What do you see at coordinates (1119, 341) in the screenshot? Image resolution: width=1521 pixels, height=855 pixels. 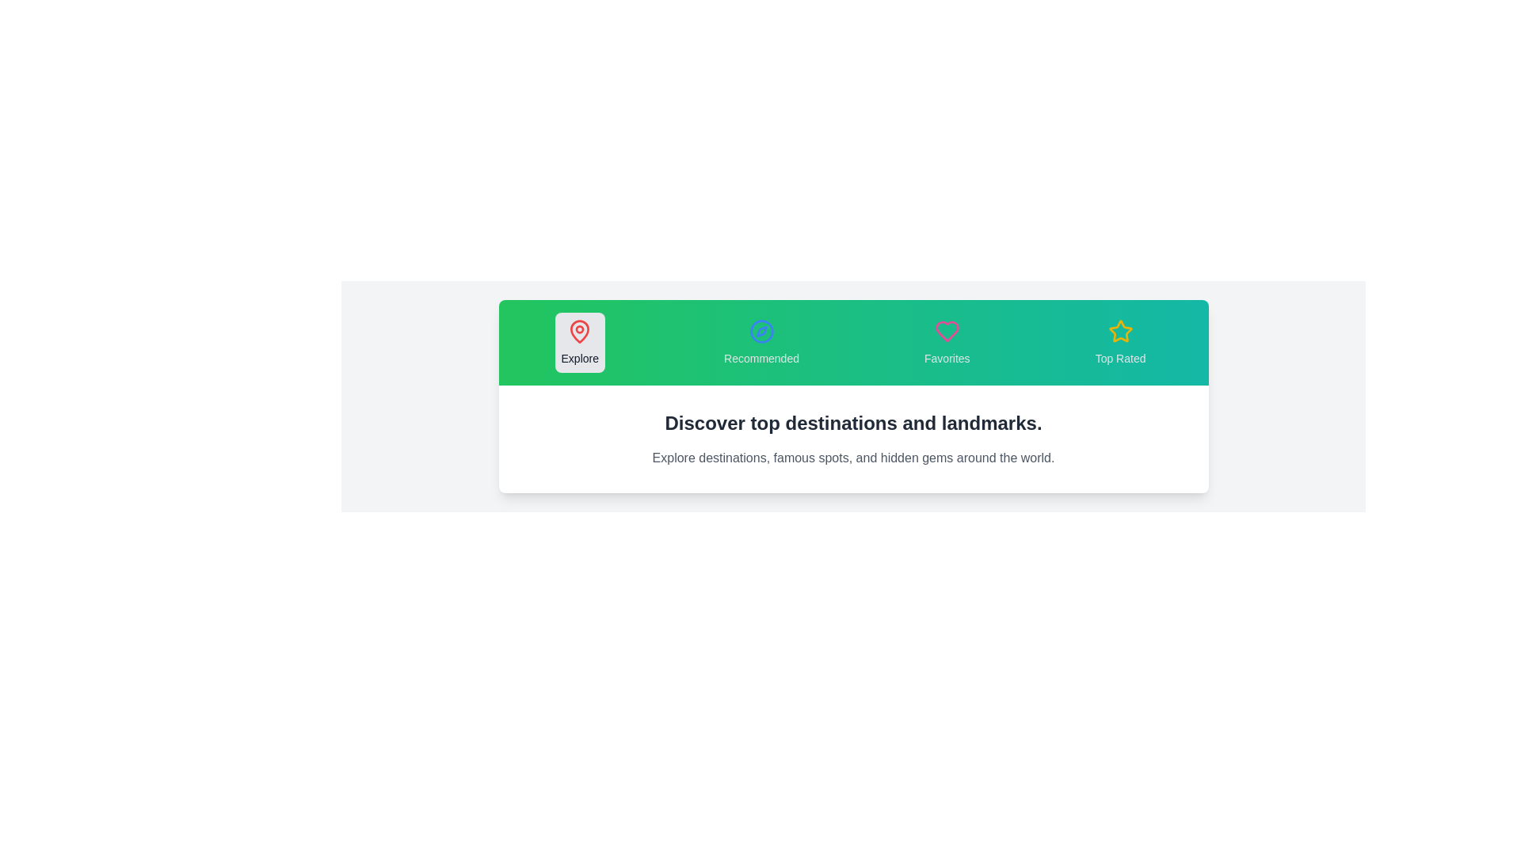 I see `the tab labeled Top Rated to observe its hover effect` at bounding box center [1119, 341].